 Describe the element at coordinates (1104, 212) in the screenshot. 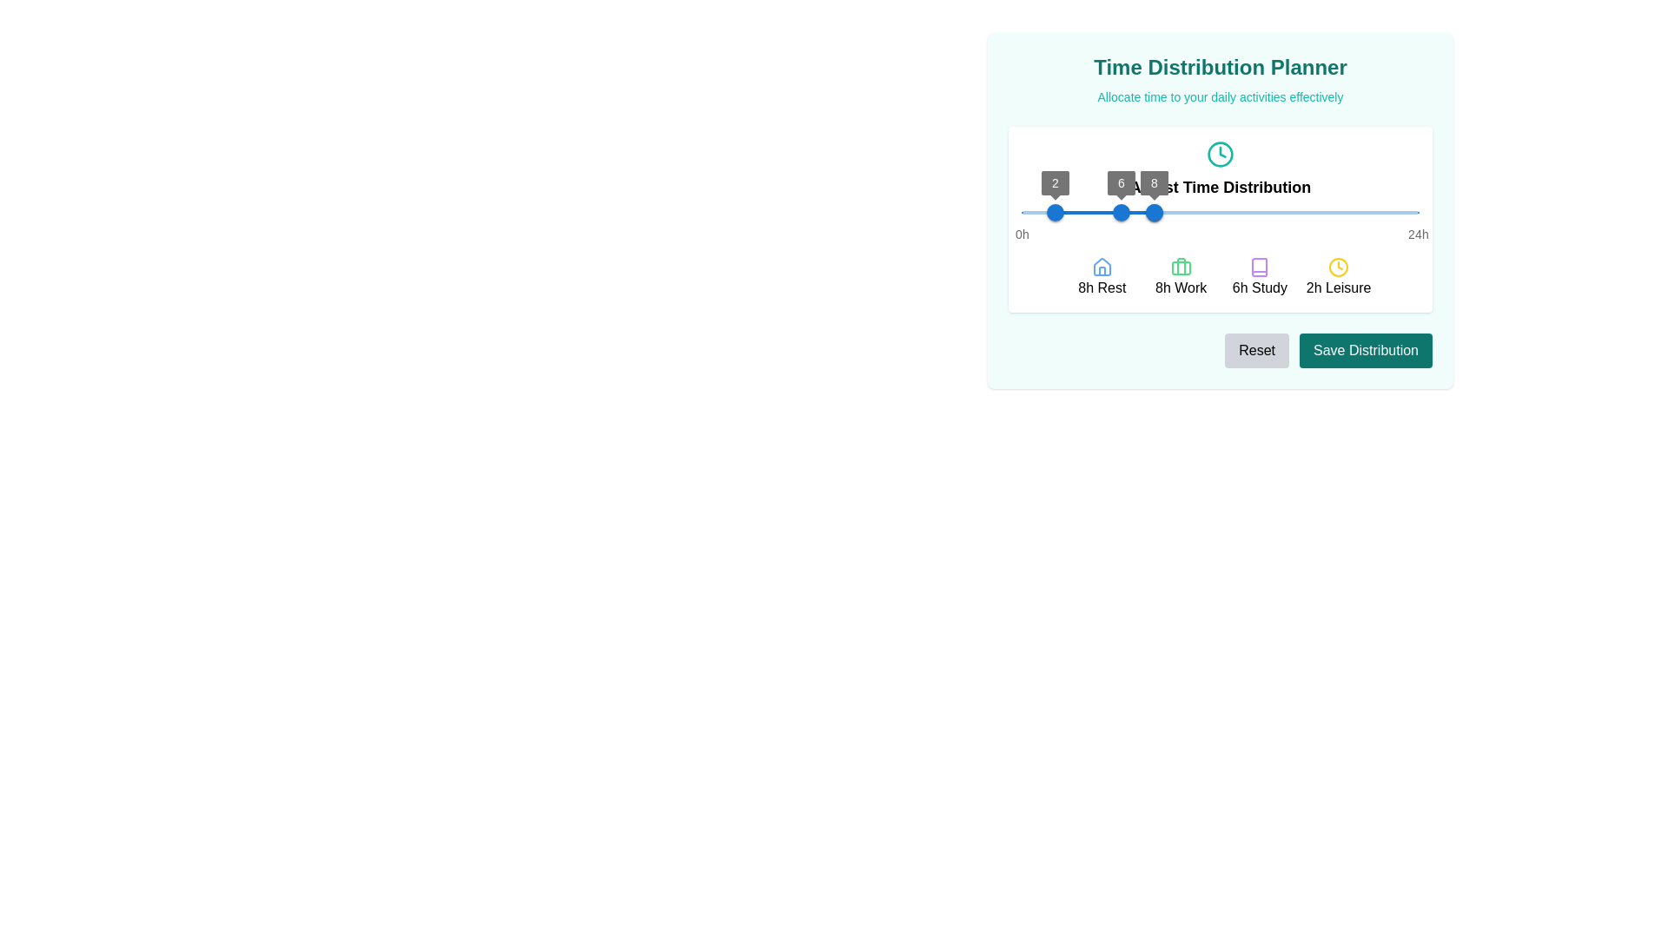

I see `the red slider track, which is a thin rectangular bar within the horizontal slider component` at that location.